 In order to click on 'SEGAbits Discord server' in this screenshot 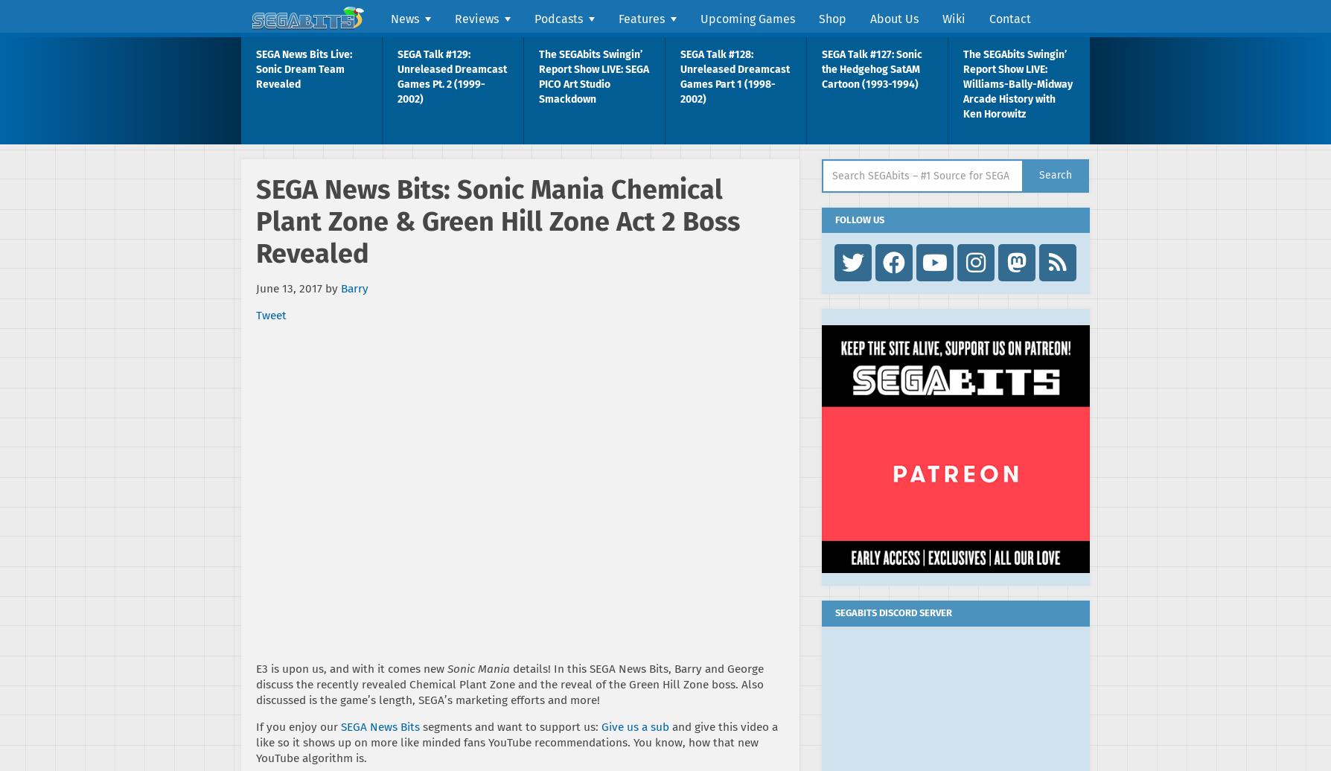, I will do `click(893, 612)`.